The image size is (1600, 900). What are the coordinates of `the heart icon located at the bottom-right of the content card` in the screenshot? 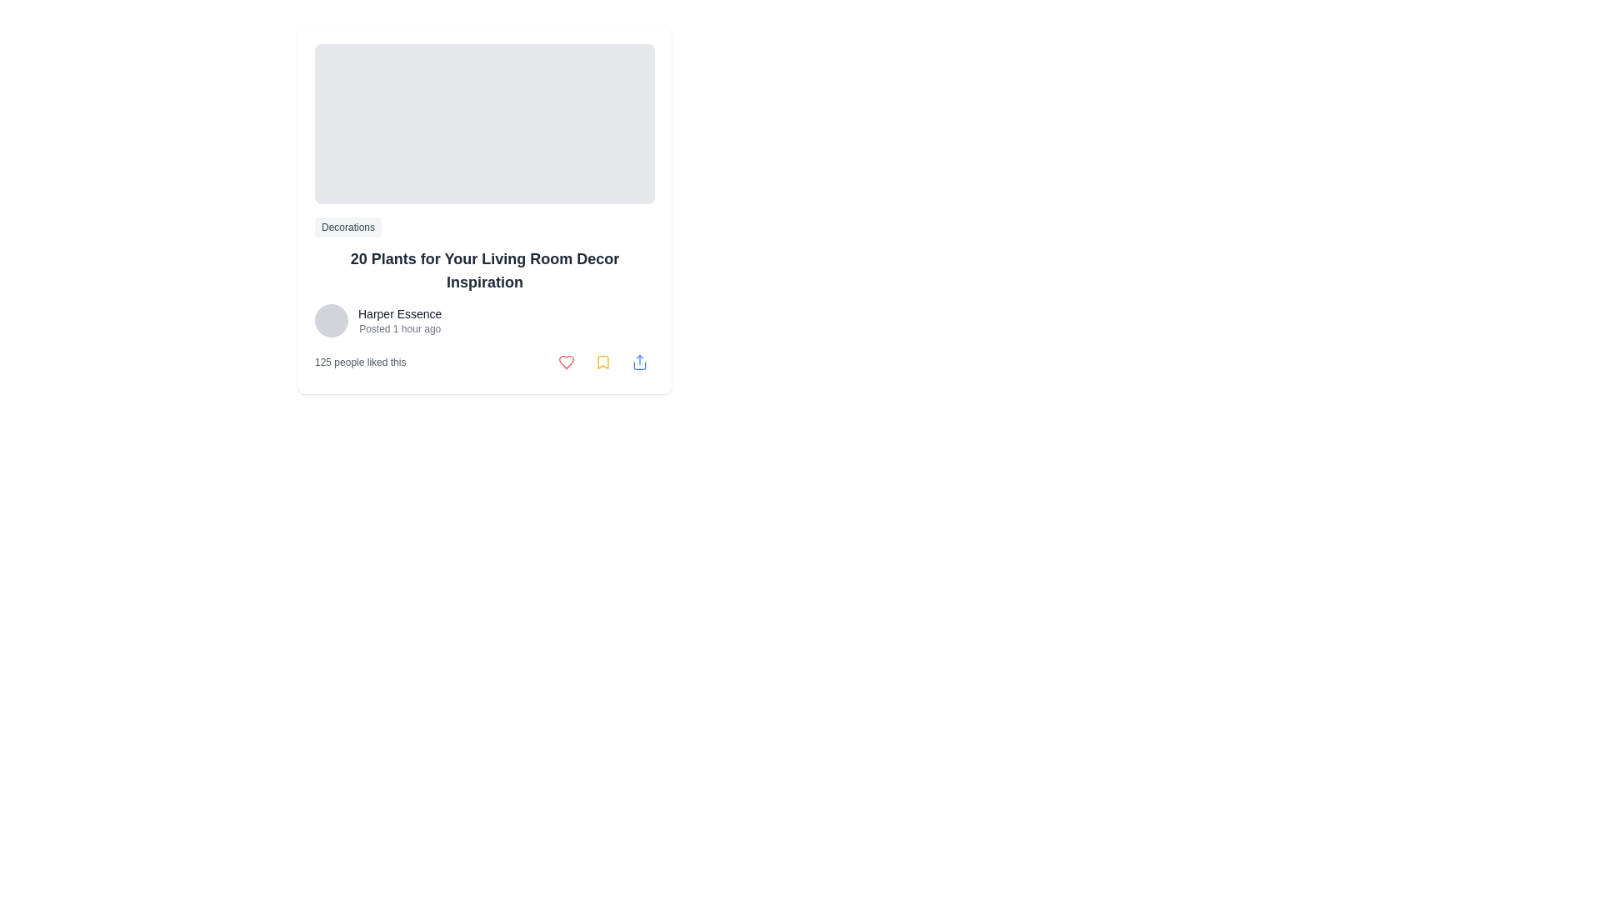 It's located at (567, 362).